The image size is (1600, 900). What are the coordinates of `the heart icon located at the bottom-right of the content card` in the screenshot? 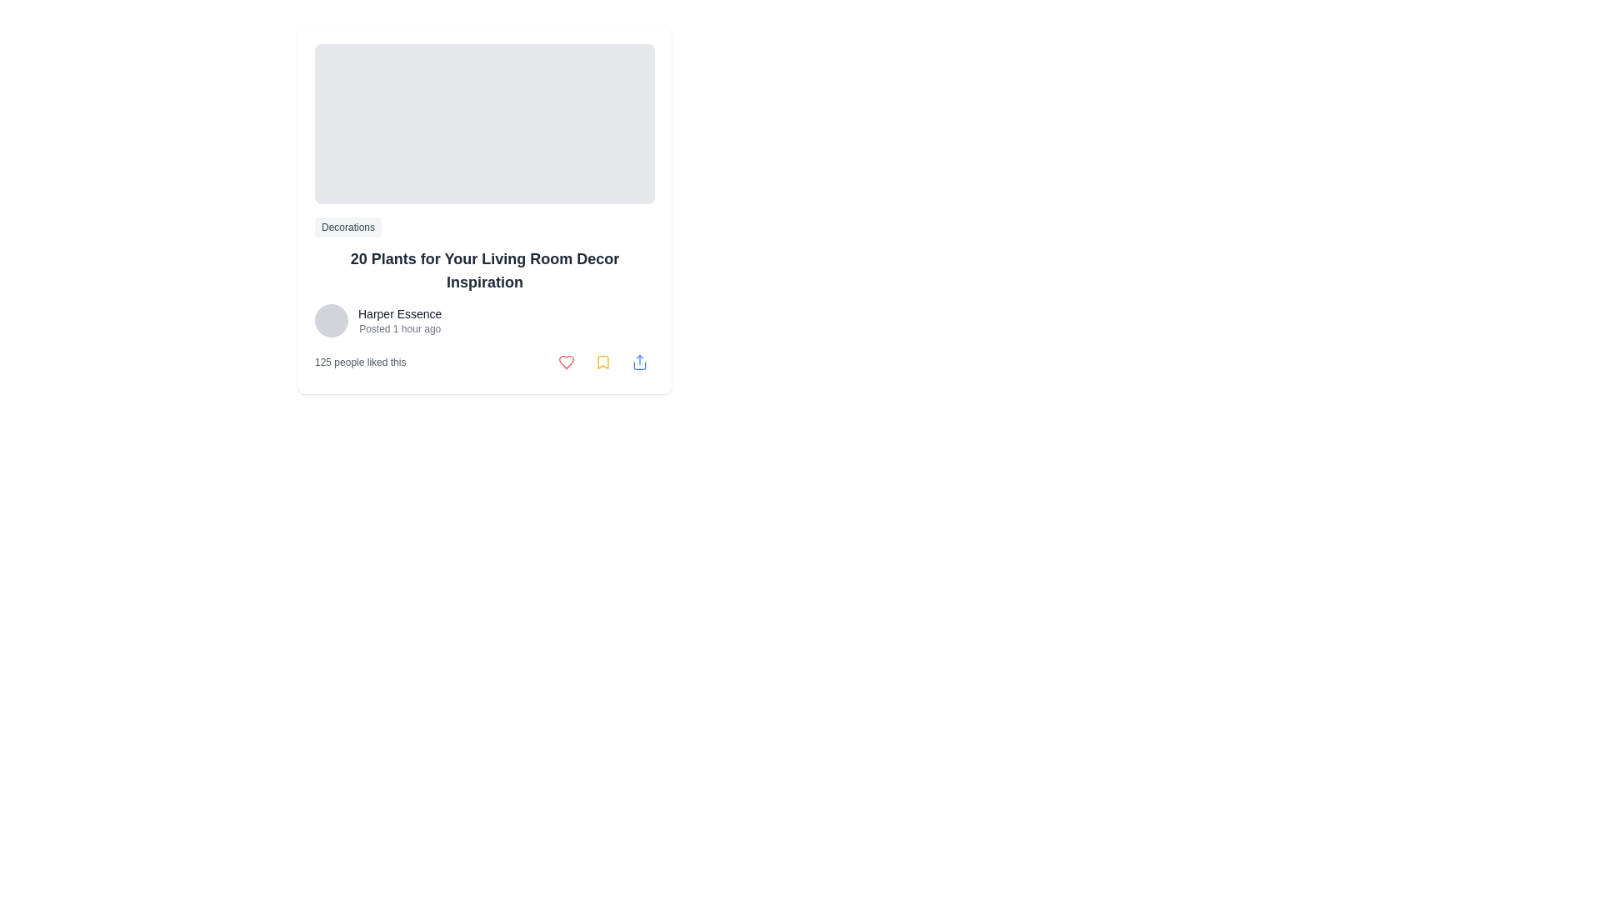 It's located at (567, 362).